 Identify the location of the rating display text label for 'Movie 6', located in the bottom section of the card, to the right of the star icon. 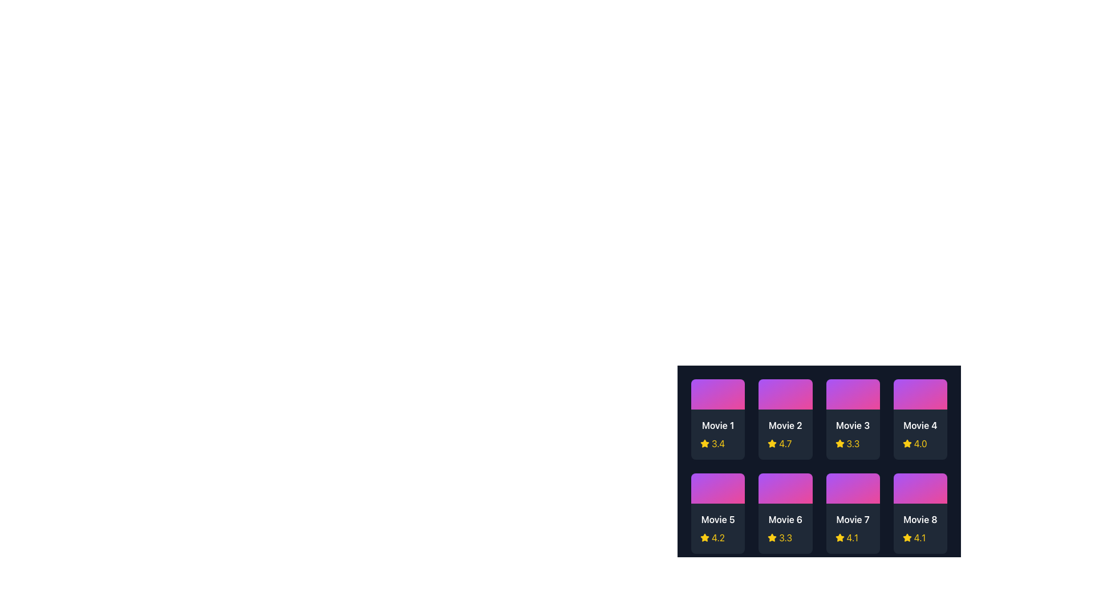
(785, 538).